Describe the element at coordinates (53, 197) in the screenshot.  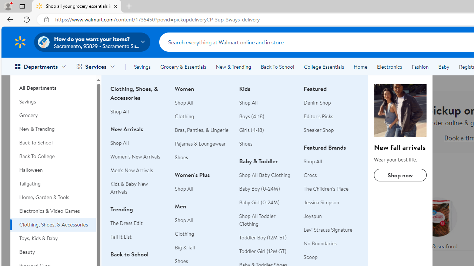
I see `'Home, Garden & Tools'` at that location.